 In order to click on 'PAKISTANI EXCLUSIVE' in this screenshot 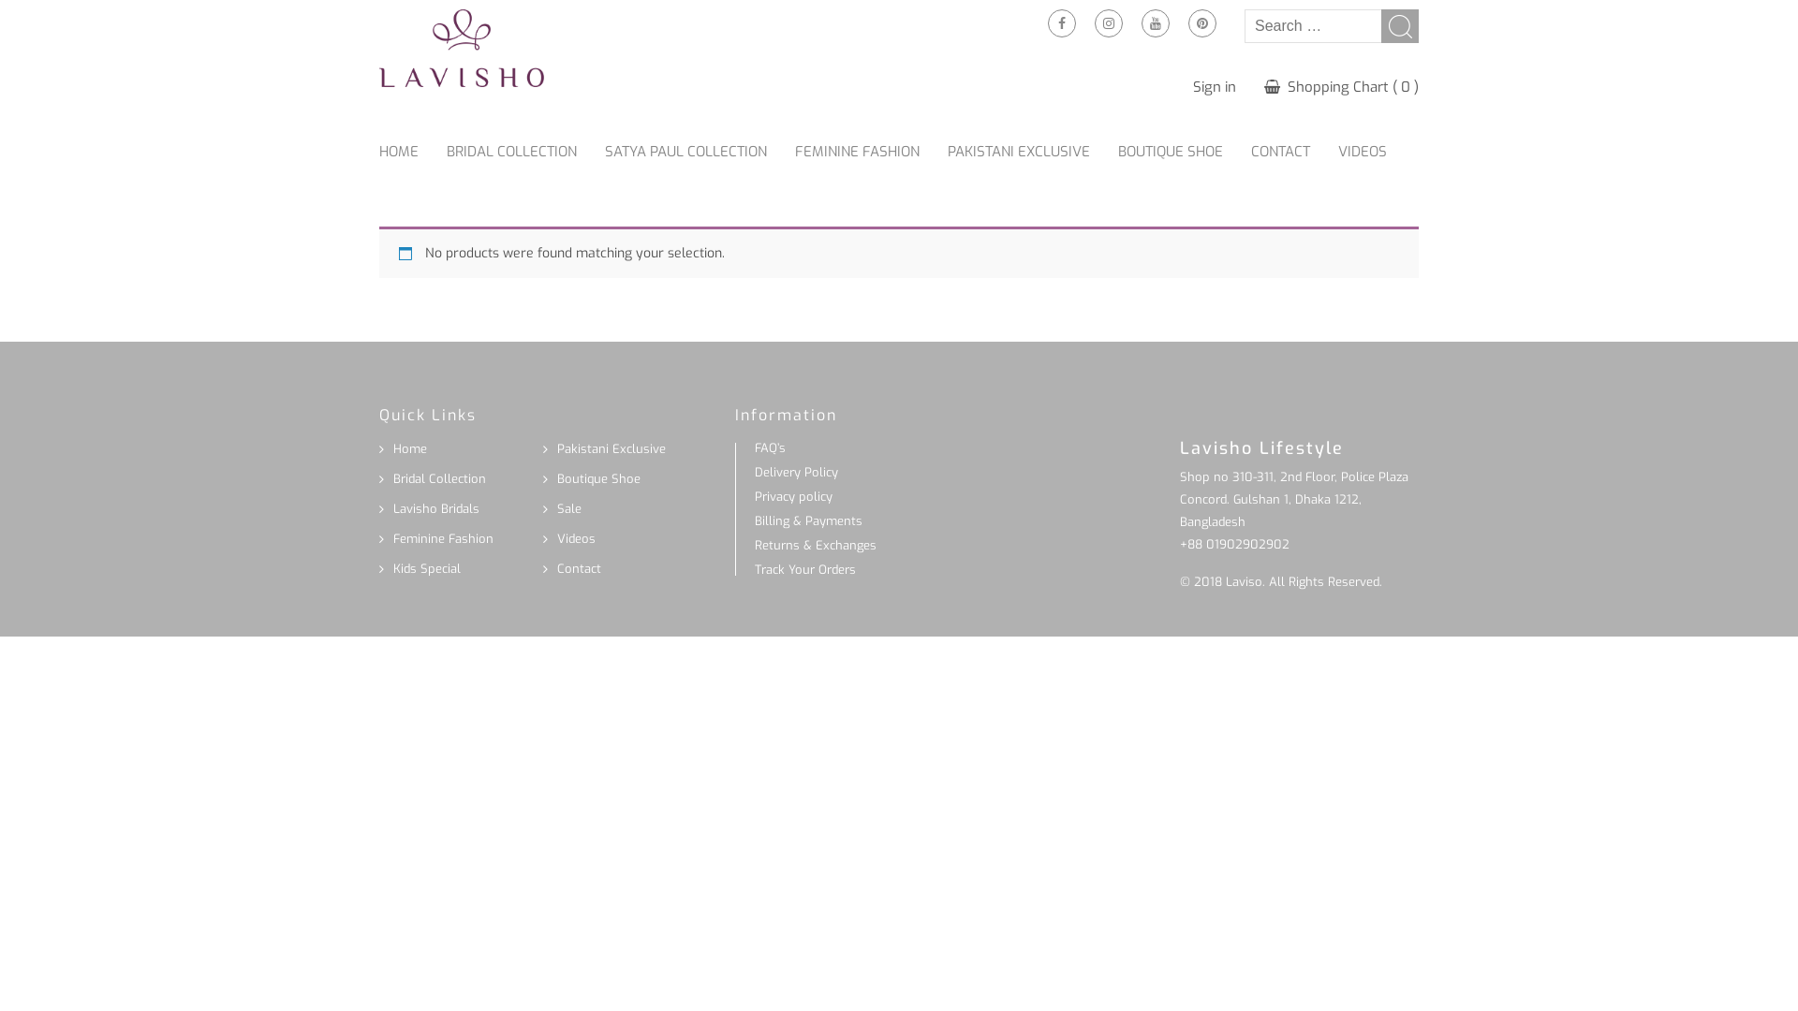, I will do `click(1032, 151)`.